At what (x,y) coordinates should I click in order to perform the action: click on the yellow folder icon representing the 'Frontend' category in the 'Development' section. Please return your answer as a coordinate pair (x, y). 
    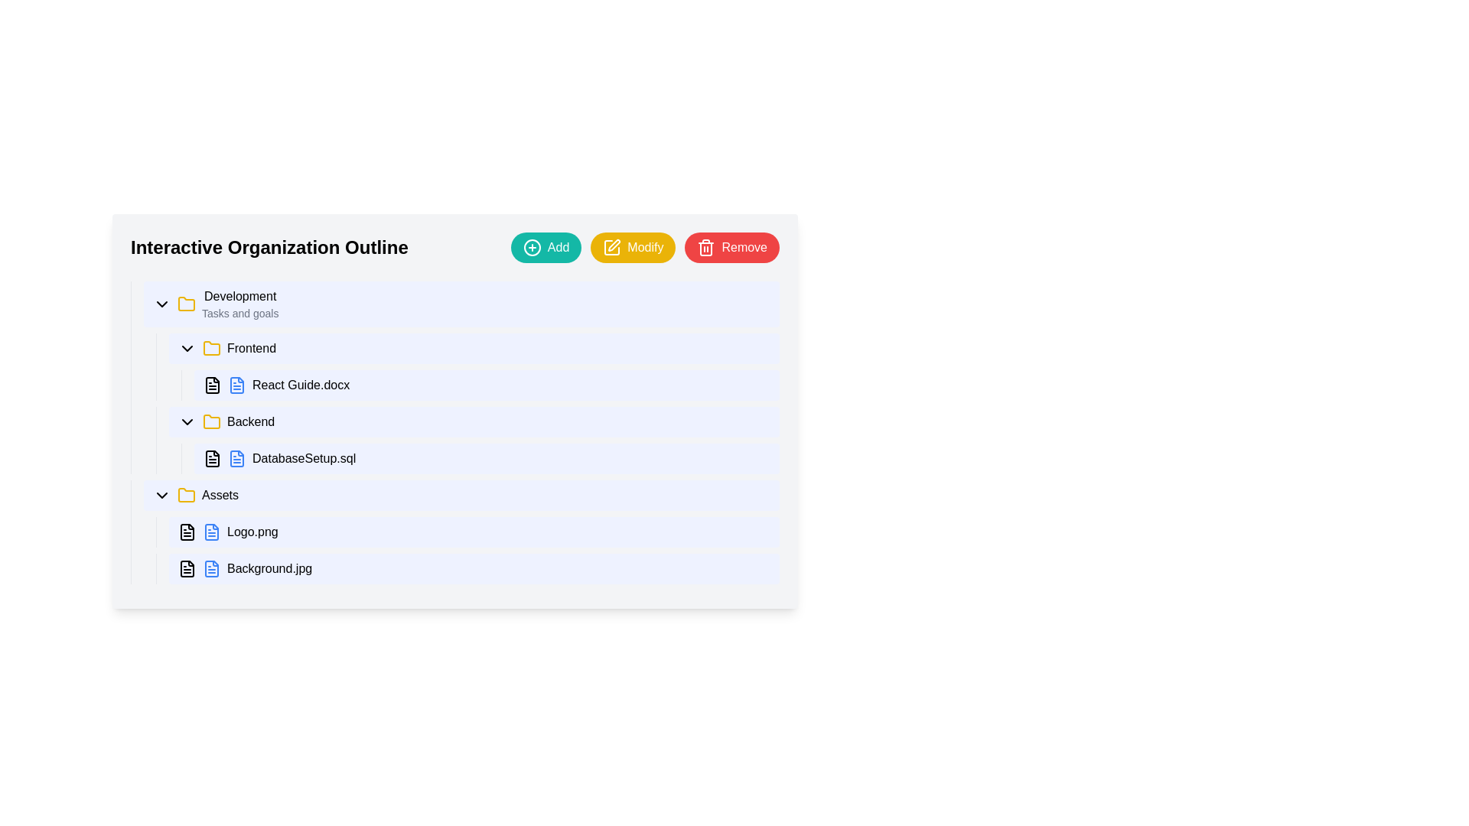
    Looking at the image, I should click on (211, 348).